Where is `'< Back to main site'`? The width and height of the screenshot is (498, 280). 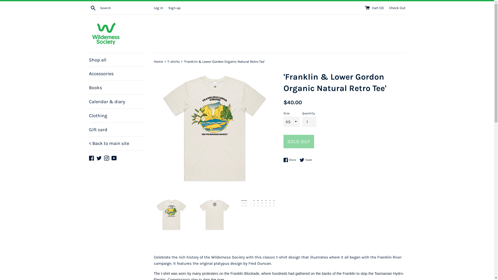
'< Back to main site' is located at coordinates (117, 143).